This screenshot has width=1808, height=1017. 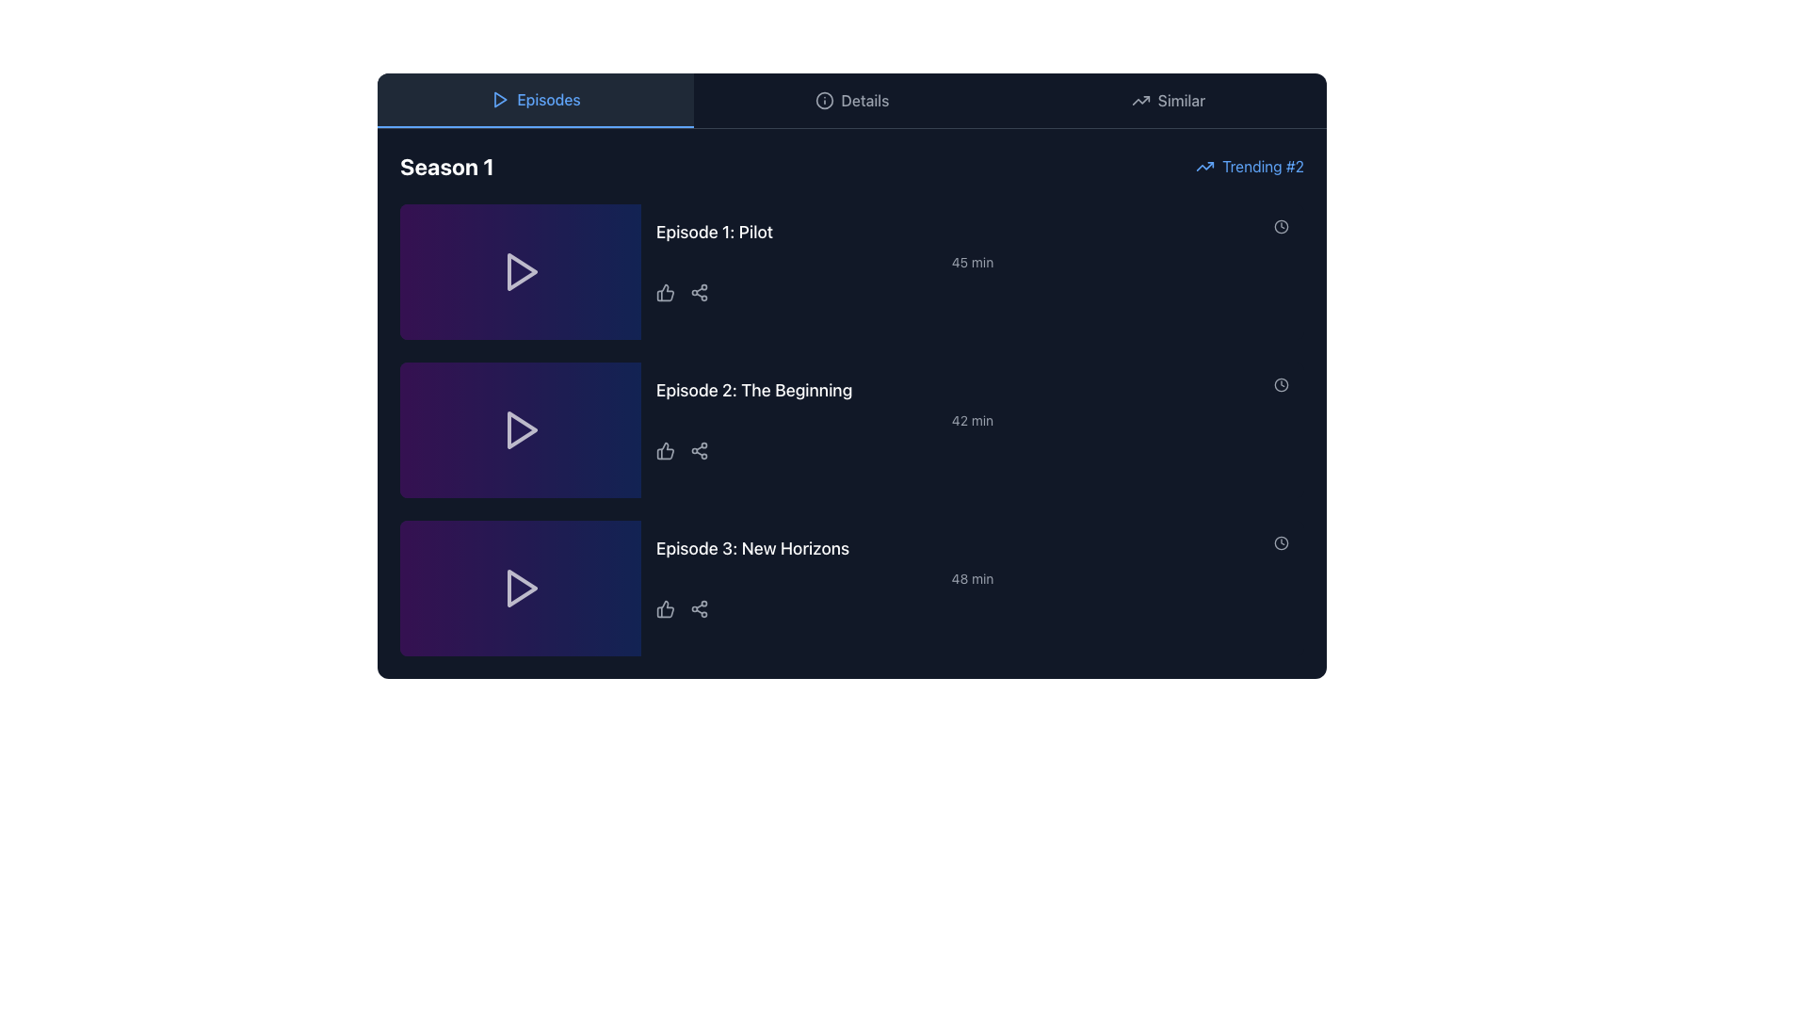 I want to click on the button associated with 'Episode 1: Pilot', so click(x=520, y=272).